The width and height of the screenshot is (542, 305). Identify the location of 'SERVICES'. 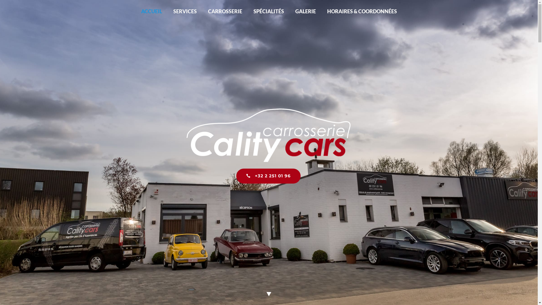
(185, 11).